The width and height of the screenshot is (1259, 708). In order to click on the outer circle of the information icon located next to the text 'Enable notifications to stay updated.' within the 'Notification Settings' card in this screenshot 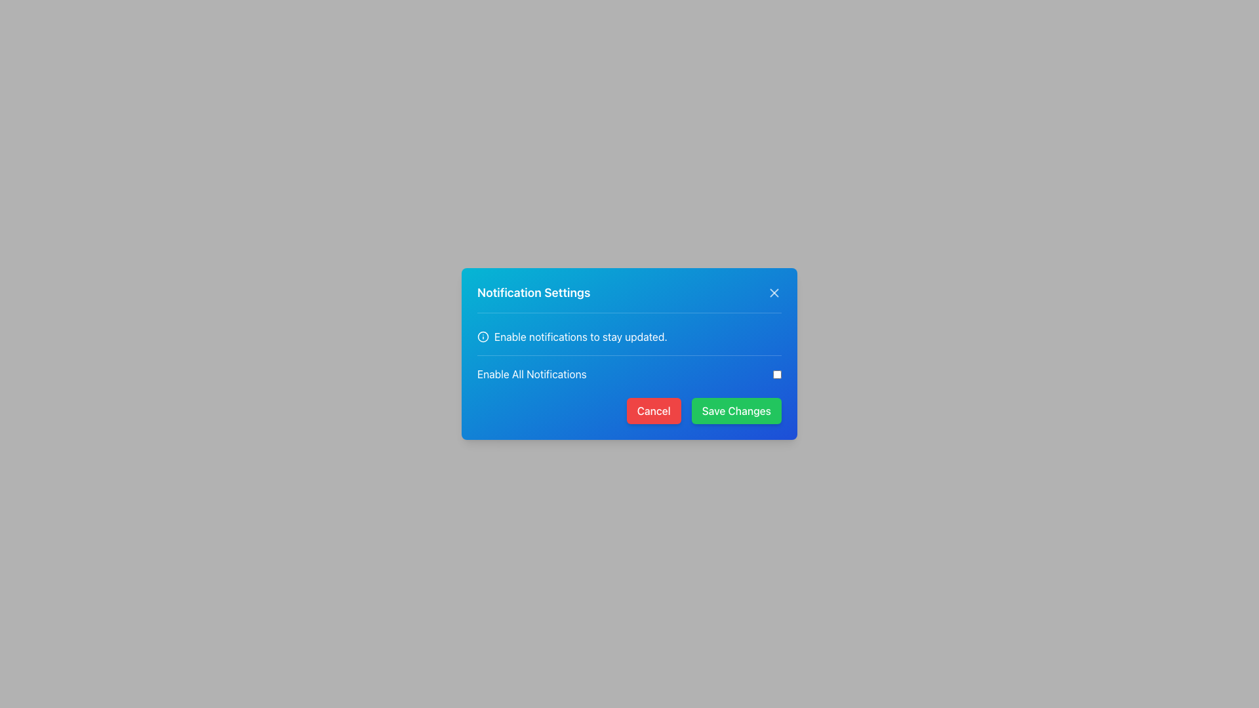, I will do `click(483, 336)`.